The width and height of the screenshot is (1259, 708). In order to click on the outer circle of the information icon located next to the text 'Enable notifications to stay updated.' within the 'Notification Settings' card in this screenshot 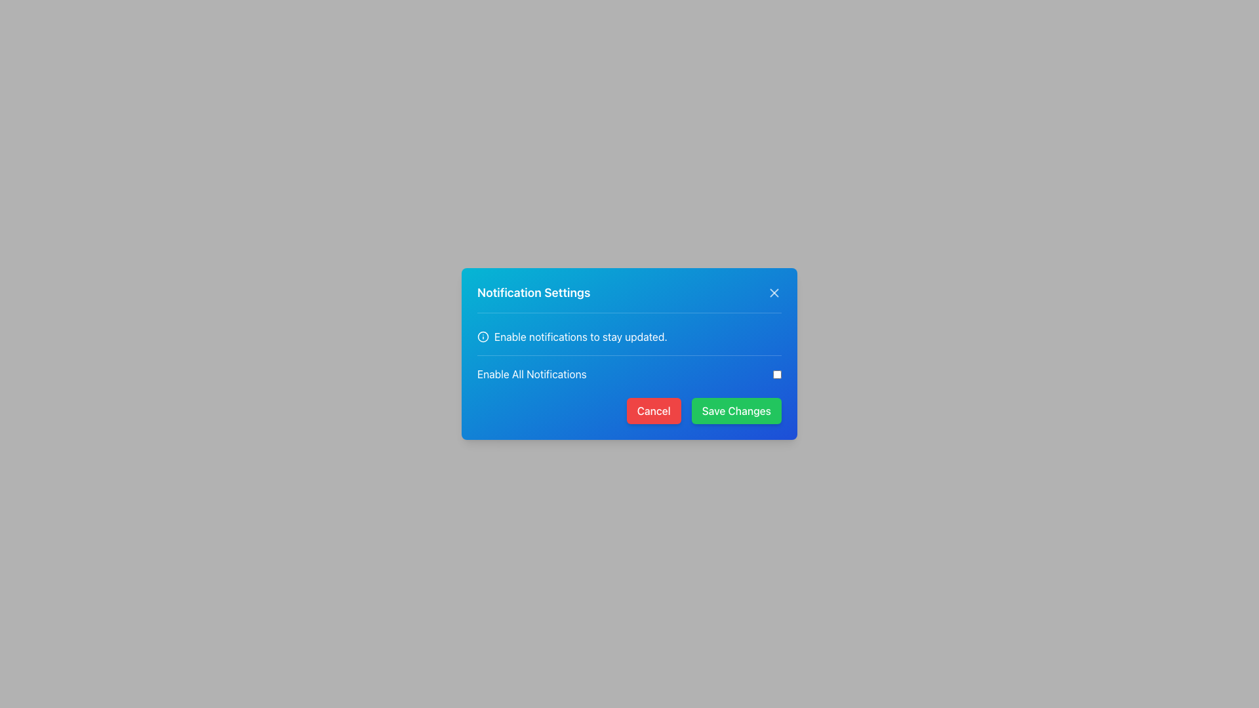, I will do `click(483, 336)`.